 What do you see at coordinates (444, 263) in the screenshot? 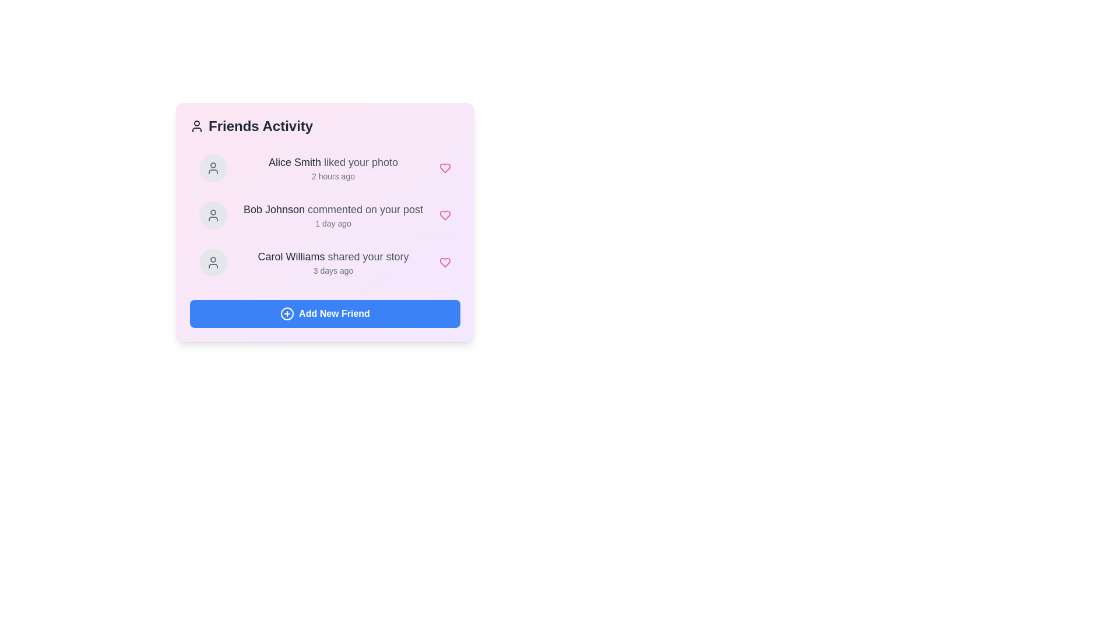
I see `the heart icon next to the activity of Carol Williams to like it` at bounding box center [444, 263].